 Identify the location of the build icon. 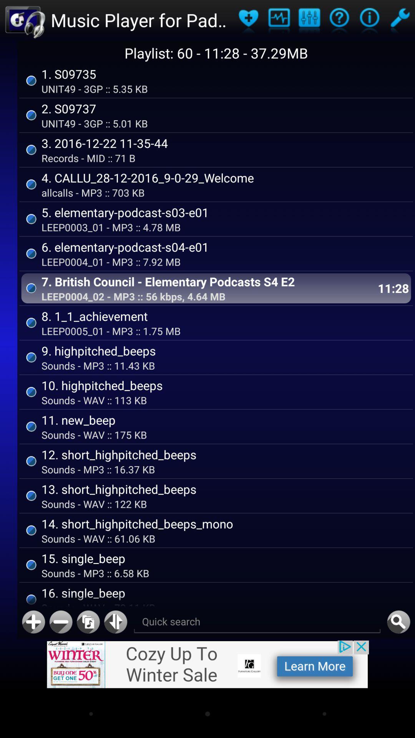
(399, 21).